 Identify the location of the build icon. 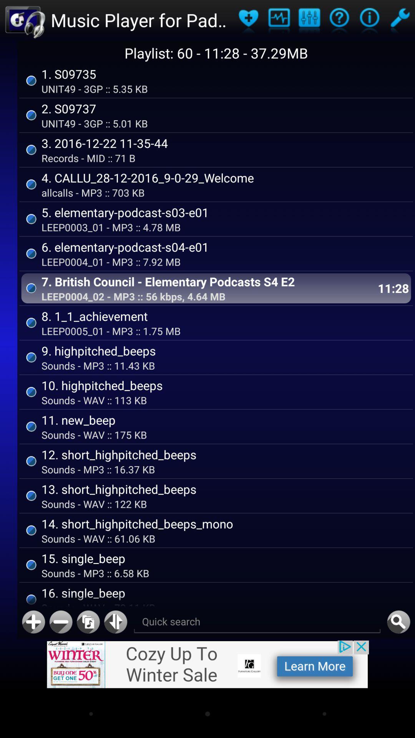
(399, 21).